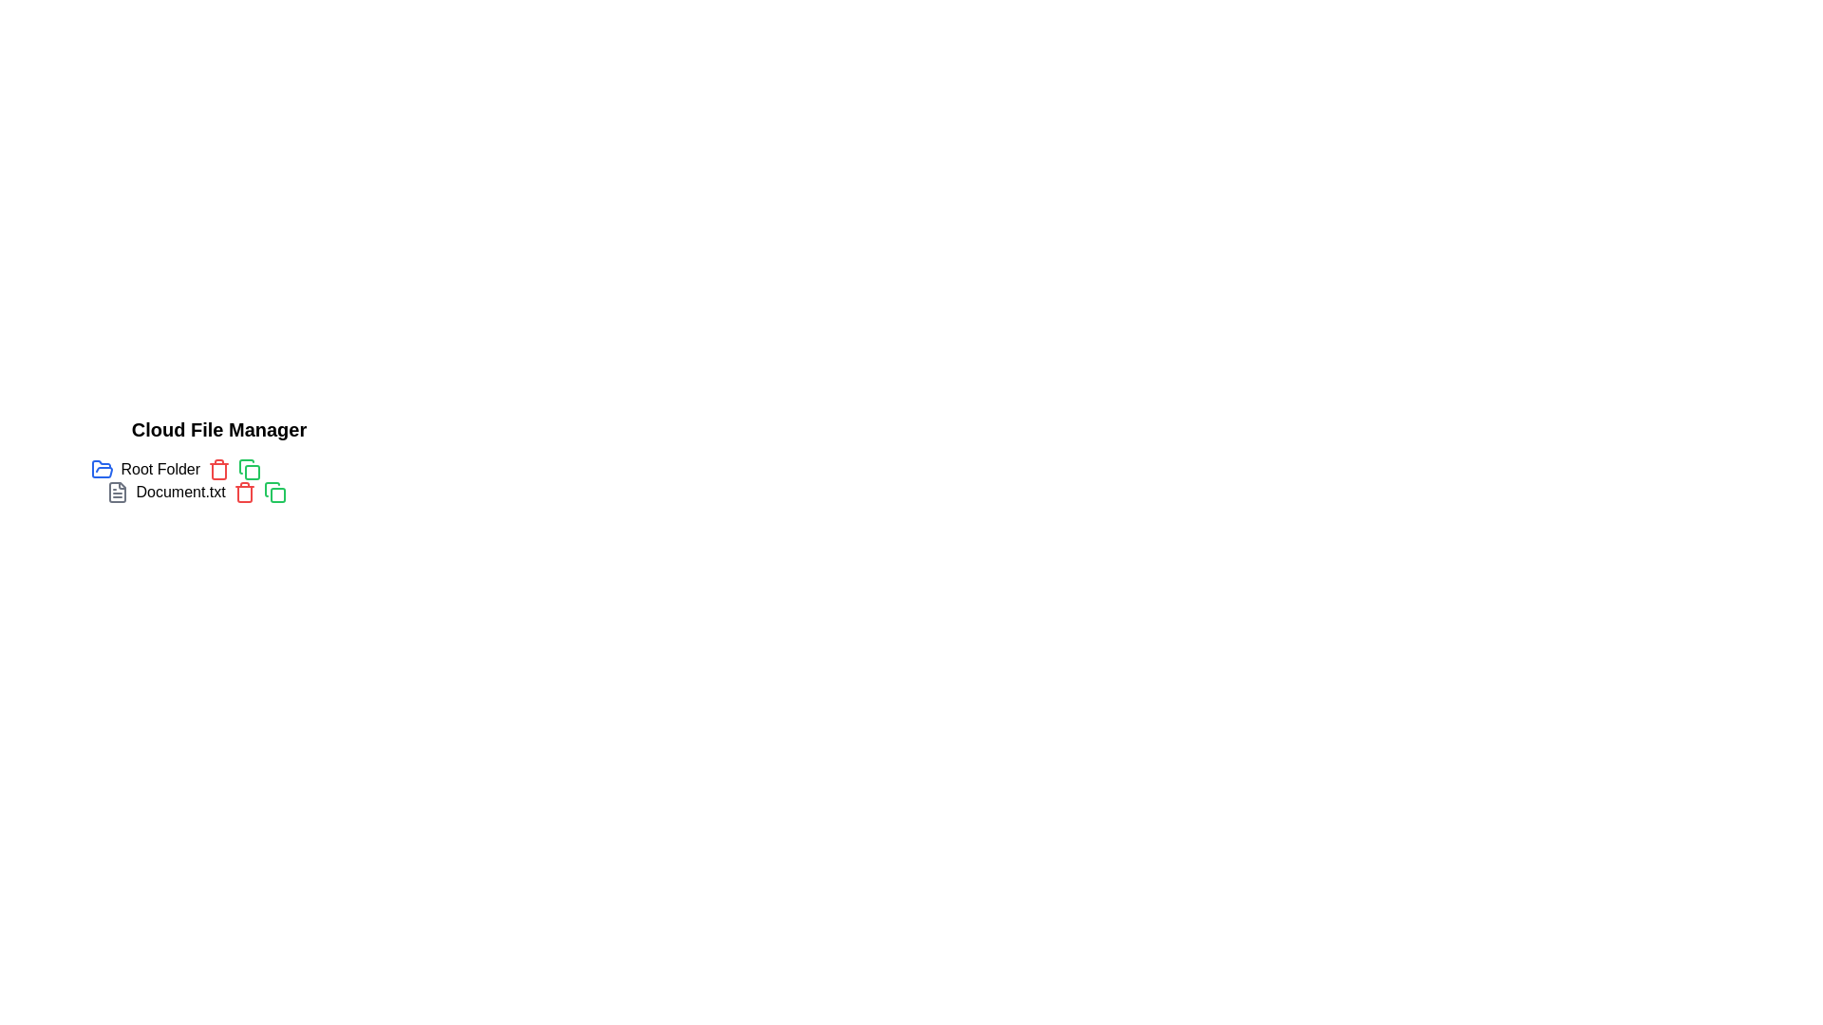  I want to click on the green copy button next to the 'Document.txt' file entry in the Cloud File Manager to duplicate the file, so click(233, 492).